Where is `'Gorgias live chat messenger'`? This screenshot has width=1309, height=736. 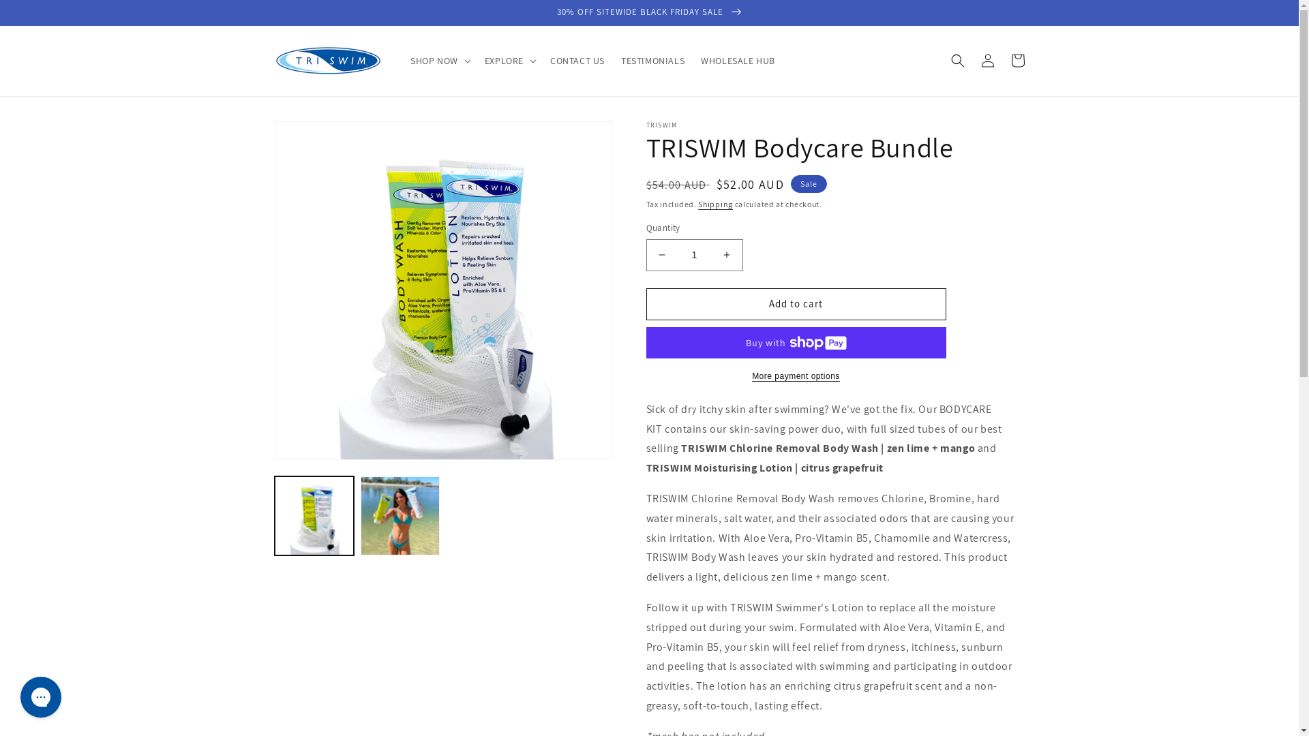
'Gorgias live chat messenger' is located at coordinates (40, 696).